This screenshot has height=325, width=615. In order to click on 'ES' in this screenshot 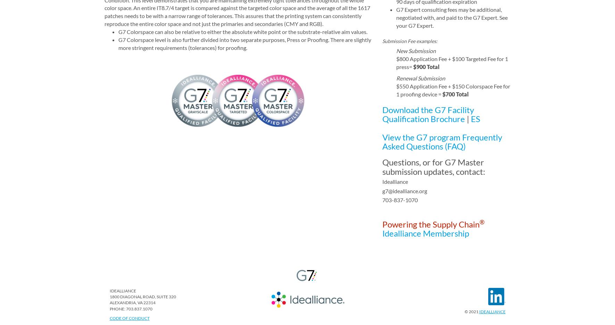, I will do `click(475, 118)`.